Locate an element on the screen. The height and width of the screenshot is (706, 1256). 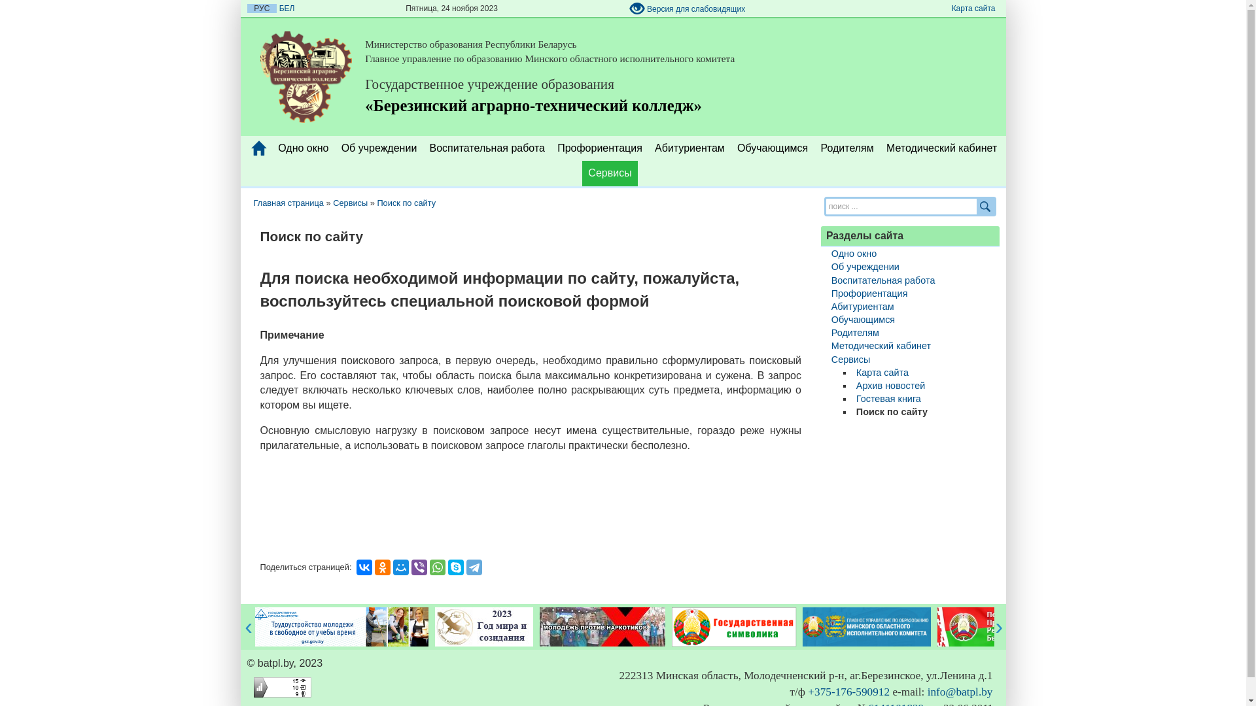
'WhatsApp' is located at coordinates (437, 566).